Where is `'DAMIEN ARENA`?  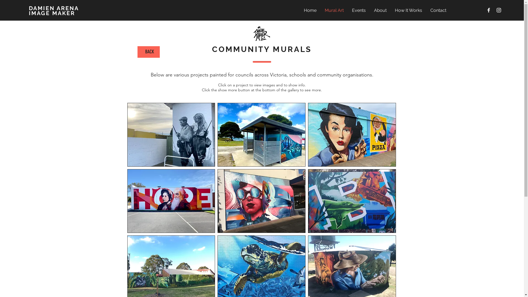
'DAMIEN ARENA is located at coordinates (54, 10).